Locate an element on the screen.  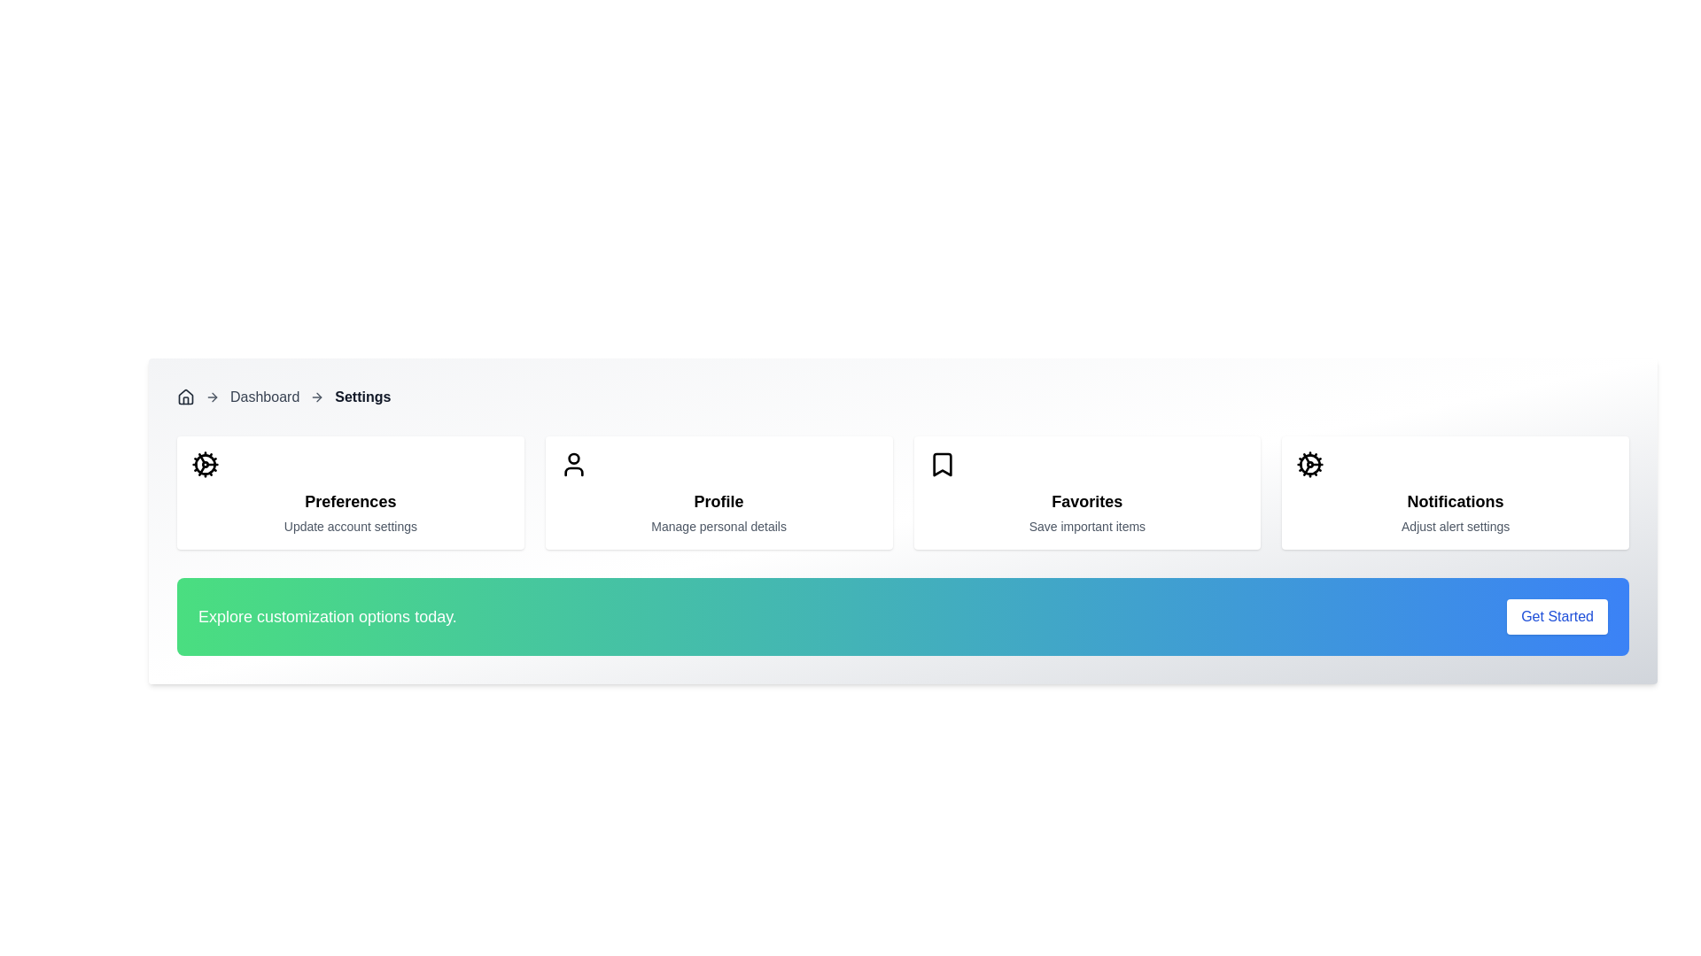
the static text label that provides additional information about the 'Favorites' section, located within the 'Favorites' card, below the title 'Favorites' is located at coordinates (1086, 525).